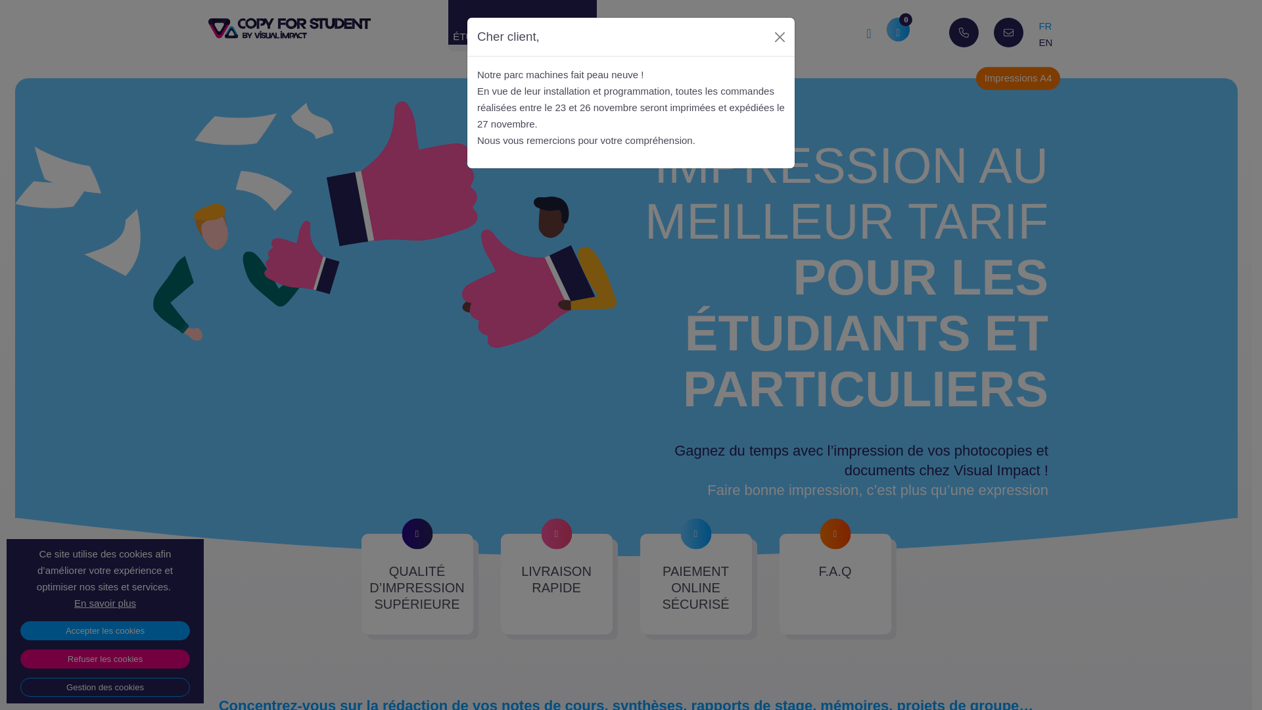 The image size is (1262, 710). What do you see at coordinates (835, 583) in the screenshot?
I see `'F.A.Q'` at bounding box center [835, 583].